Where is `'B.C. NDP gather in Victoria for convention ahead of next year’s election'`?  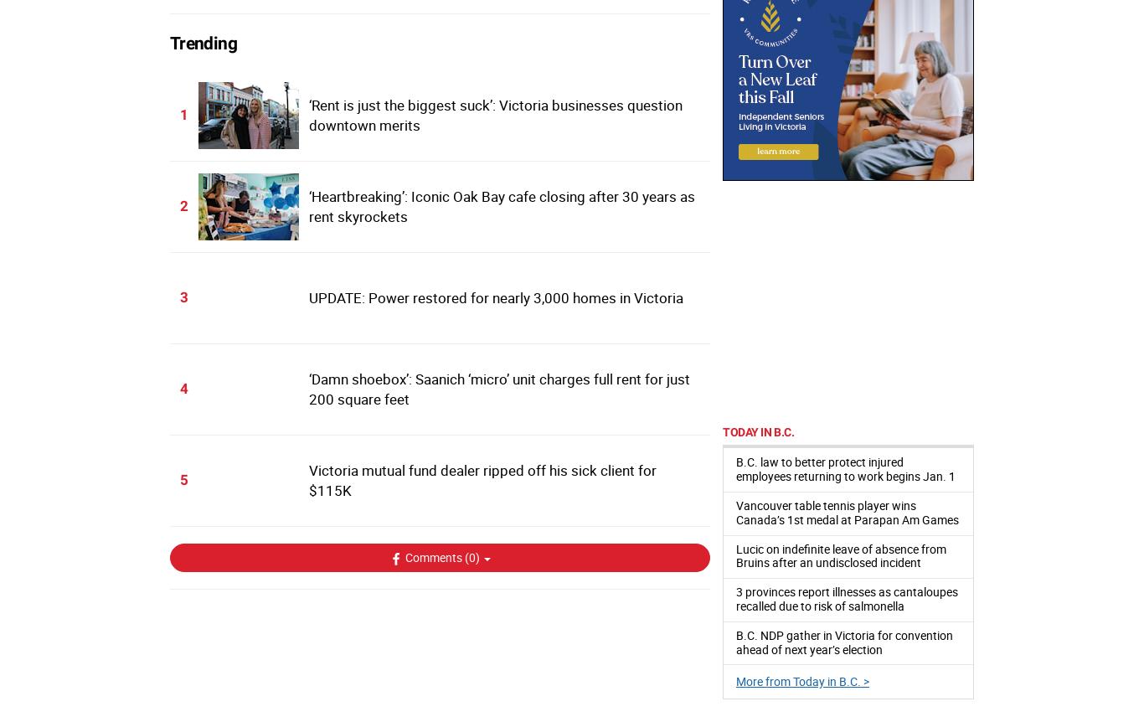
'B.C. NDP gather in Victoria for convention ahead of next year’s election' is located at coordinates (735, 641).